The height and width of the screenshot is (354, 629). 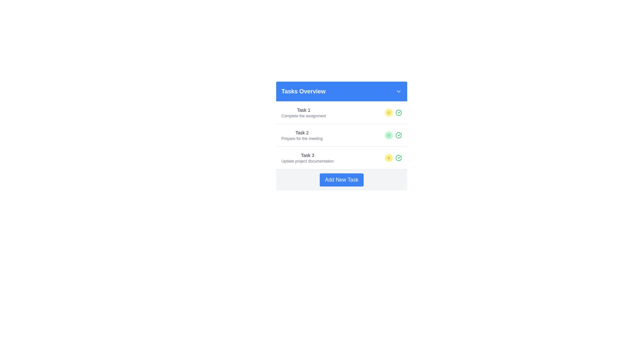 What do you see at coordinates (341, 180) in the screenshot?
I see `the blue button labeled 'Add New Task' located at the bottom of the 'Tasks Overview' card` at bounding box center [341, 180].